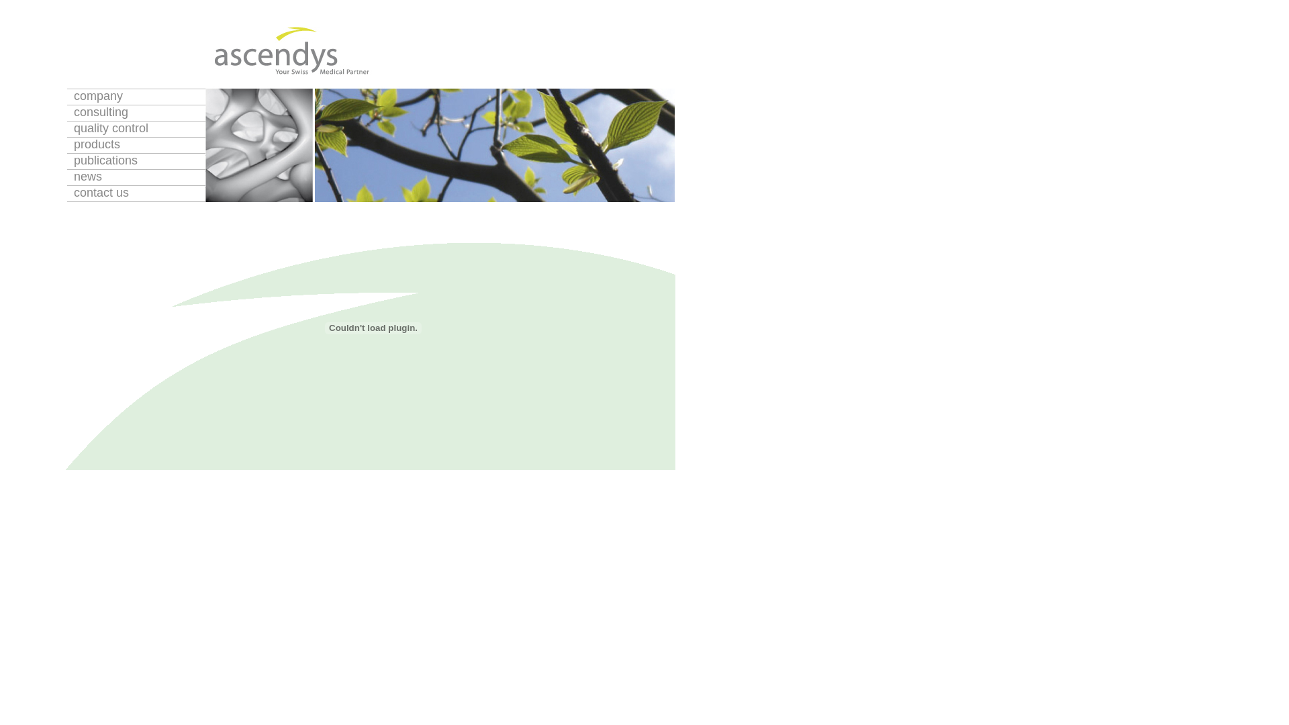 Image resolution: width=1289 pixels, height=725 pixels. I want to click on 'news', so click(136, 177).